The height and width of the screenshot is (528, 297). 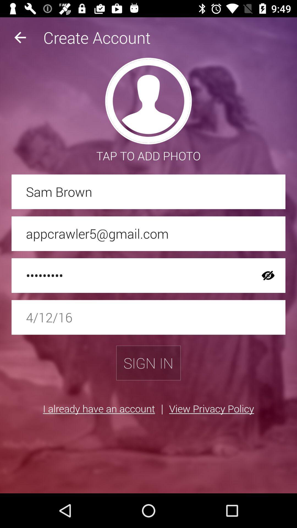 What do you see at coordinates (20, 37) in the screenshot?
I see `app to the left of the create account app` at bounding box center [20, 37].